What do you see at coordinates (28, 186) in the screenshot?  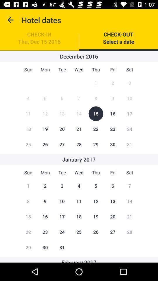 I see `number called 1 below the text sun` at bounding box center [28, 186].